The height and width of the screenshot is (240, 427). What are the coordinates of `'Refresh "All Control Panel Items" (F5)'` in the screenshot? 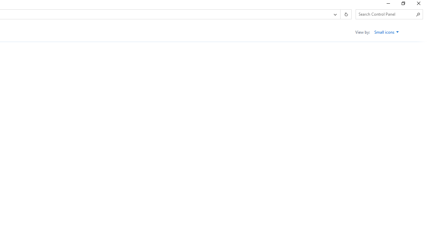 It's located at (346, 14).